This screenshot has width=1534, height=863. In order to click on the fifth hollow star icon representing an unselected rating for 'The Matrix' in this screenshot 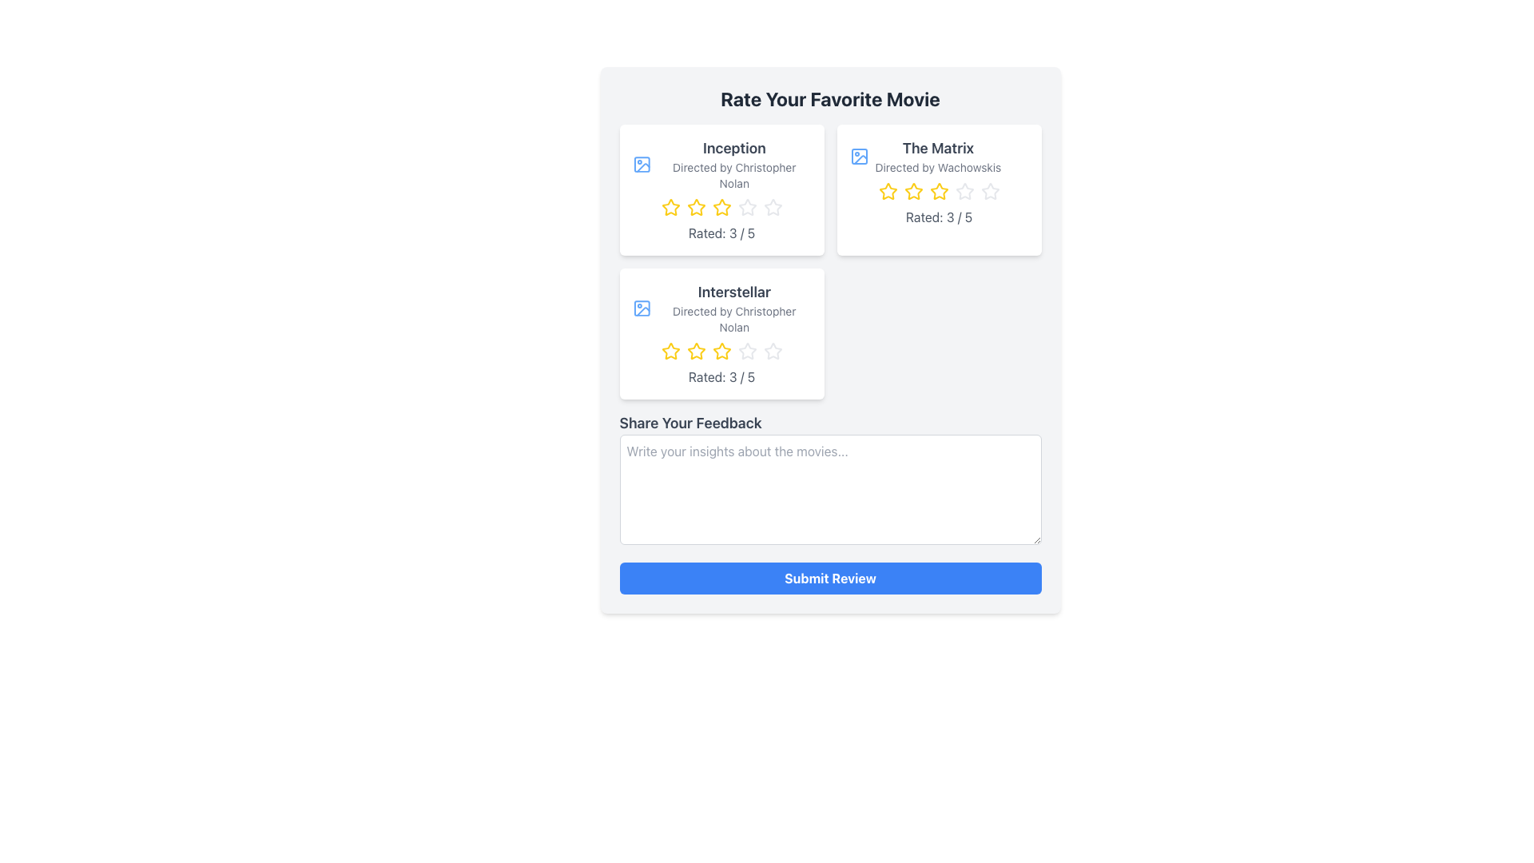, I will do `click(964, 190)`.